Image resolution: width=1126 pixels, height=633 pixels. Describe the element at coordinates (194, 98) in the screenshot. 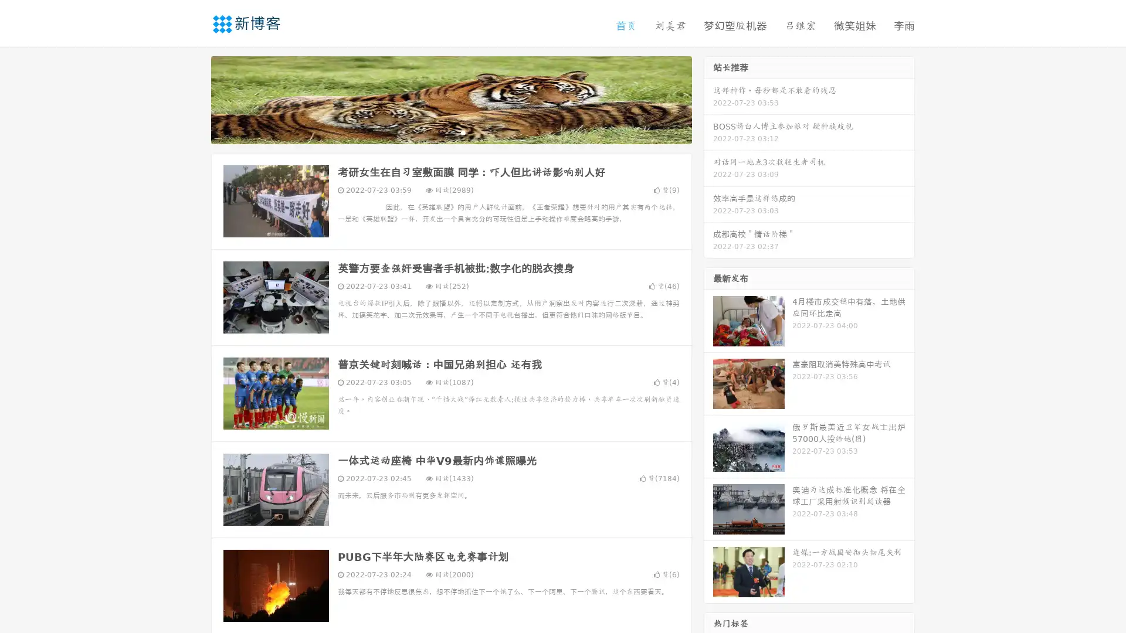

I see `Previous slide` at that location.